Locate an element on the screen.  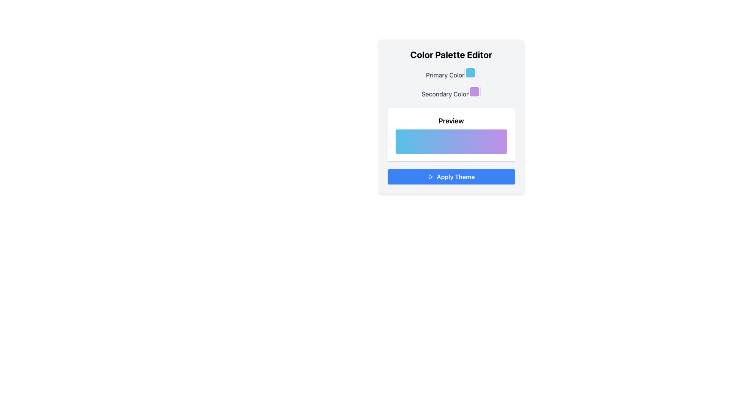
the 'Primary Color' label with the blue color indicator is located at coordinates (451, 73).